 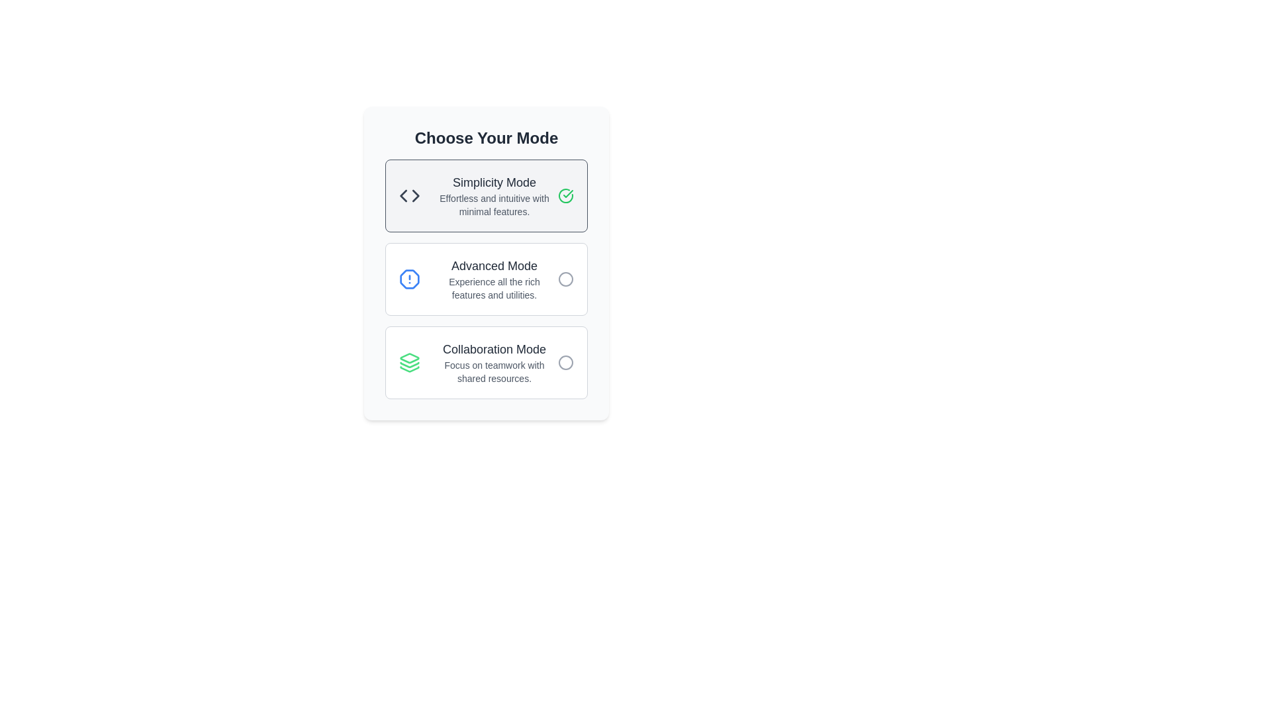 I want to click on the 'Collaboration Mode' selectable option, which features bold, dark gray text stating 'Collaboration Mode' and lighter gray text saying 'Focus on teamwork with shared resources.', so click(x=494, y=362).